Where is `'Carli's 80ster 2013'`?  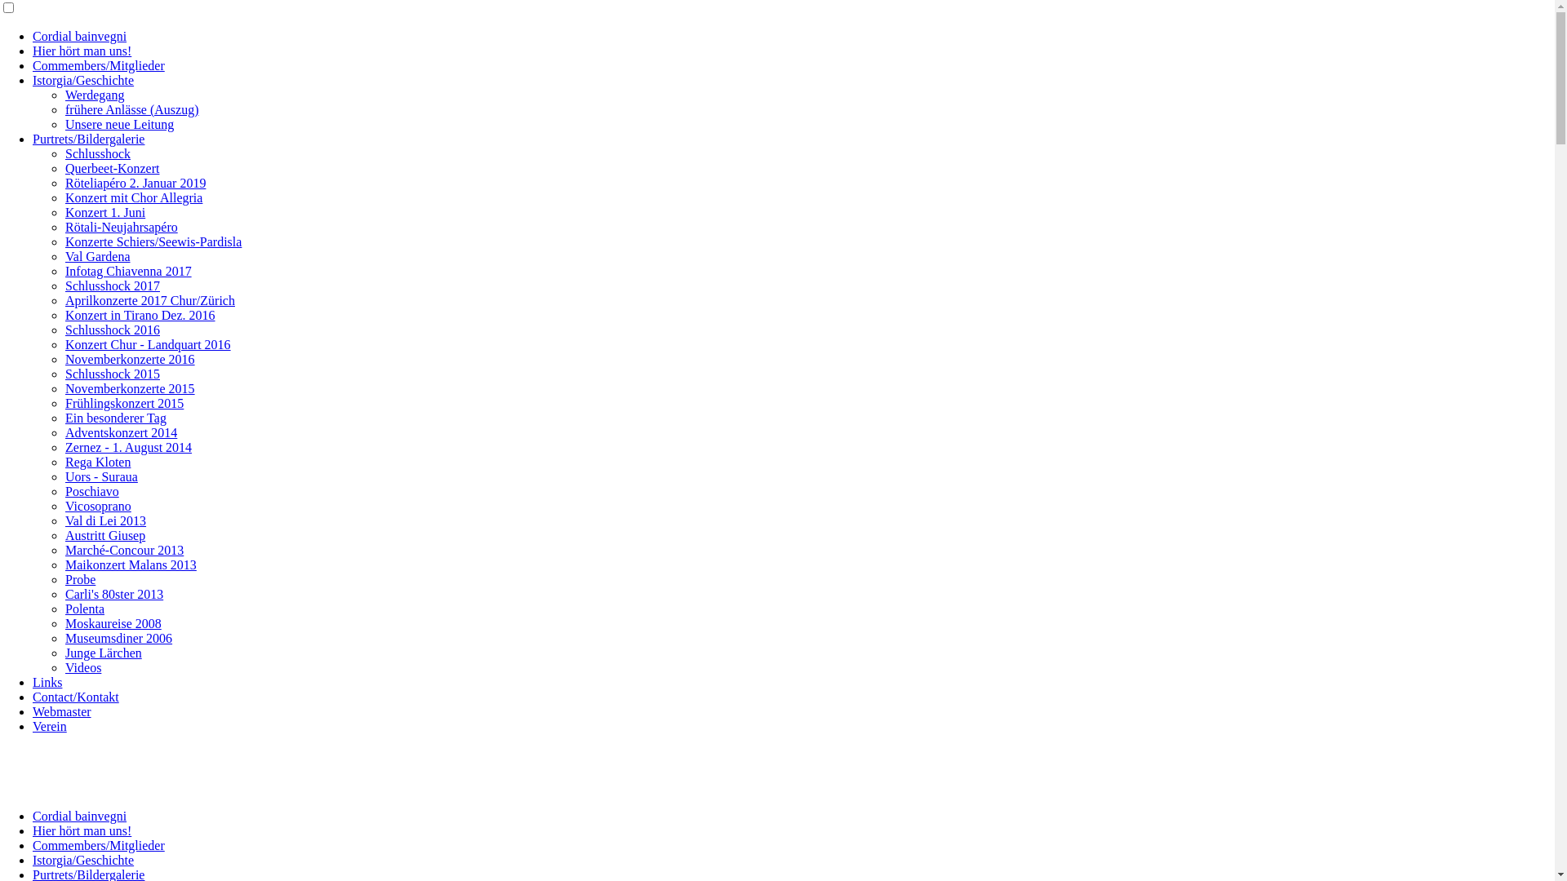
'Carli's 80ster 2013' is located at coordinates (113, 594).